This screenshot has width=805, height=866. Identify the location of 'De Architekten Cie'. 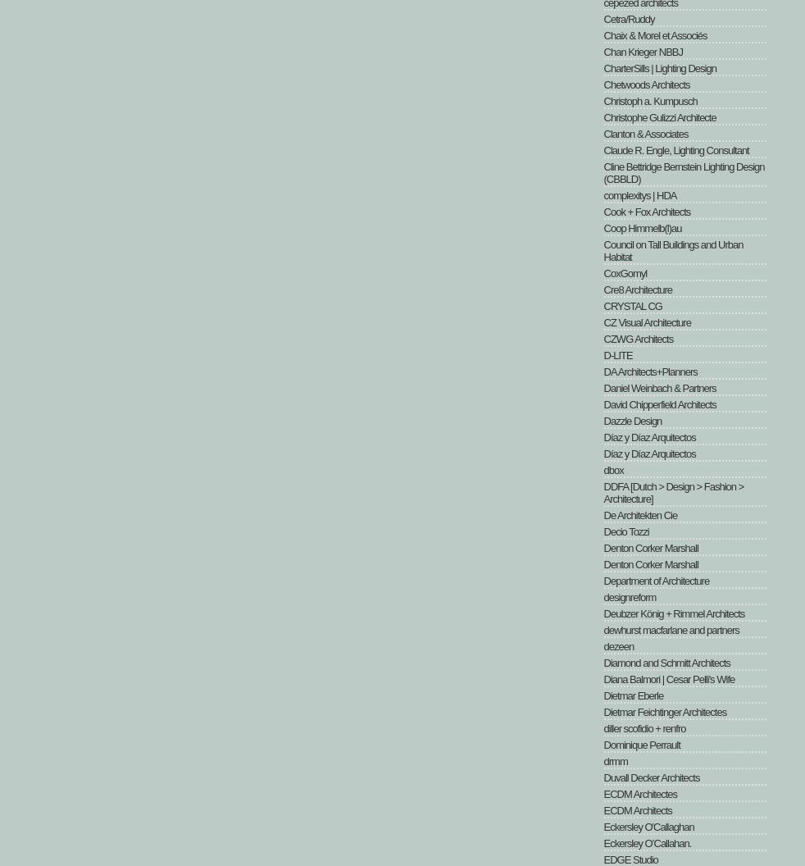
(639, 514).